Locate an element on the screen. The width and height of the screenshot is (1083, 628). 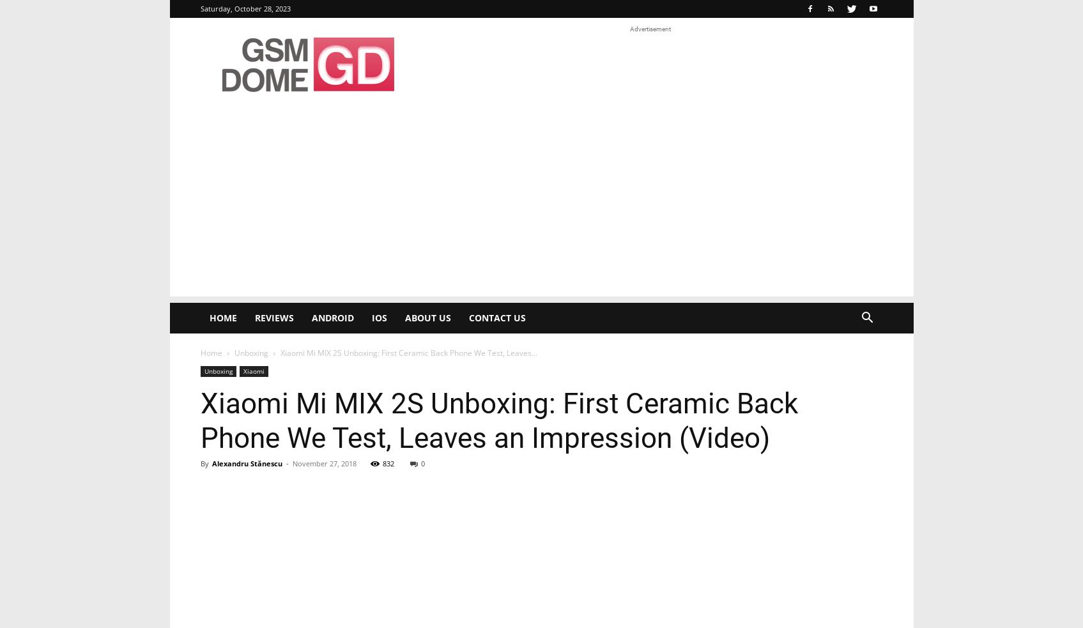
'832' is located at coordinates (381, 463).